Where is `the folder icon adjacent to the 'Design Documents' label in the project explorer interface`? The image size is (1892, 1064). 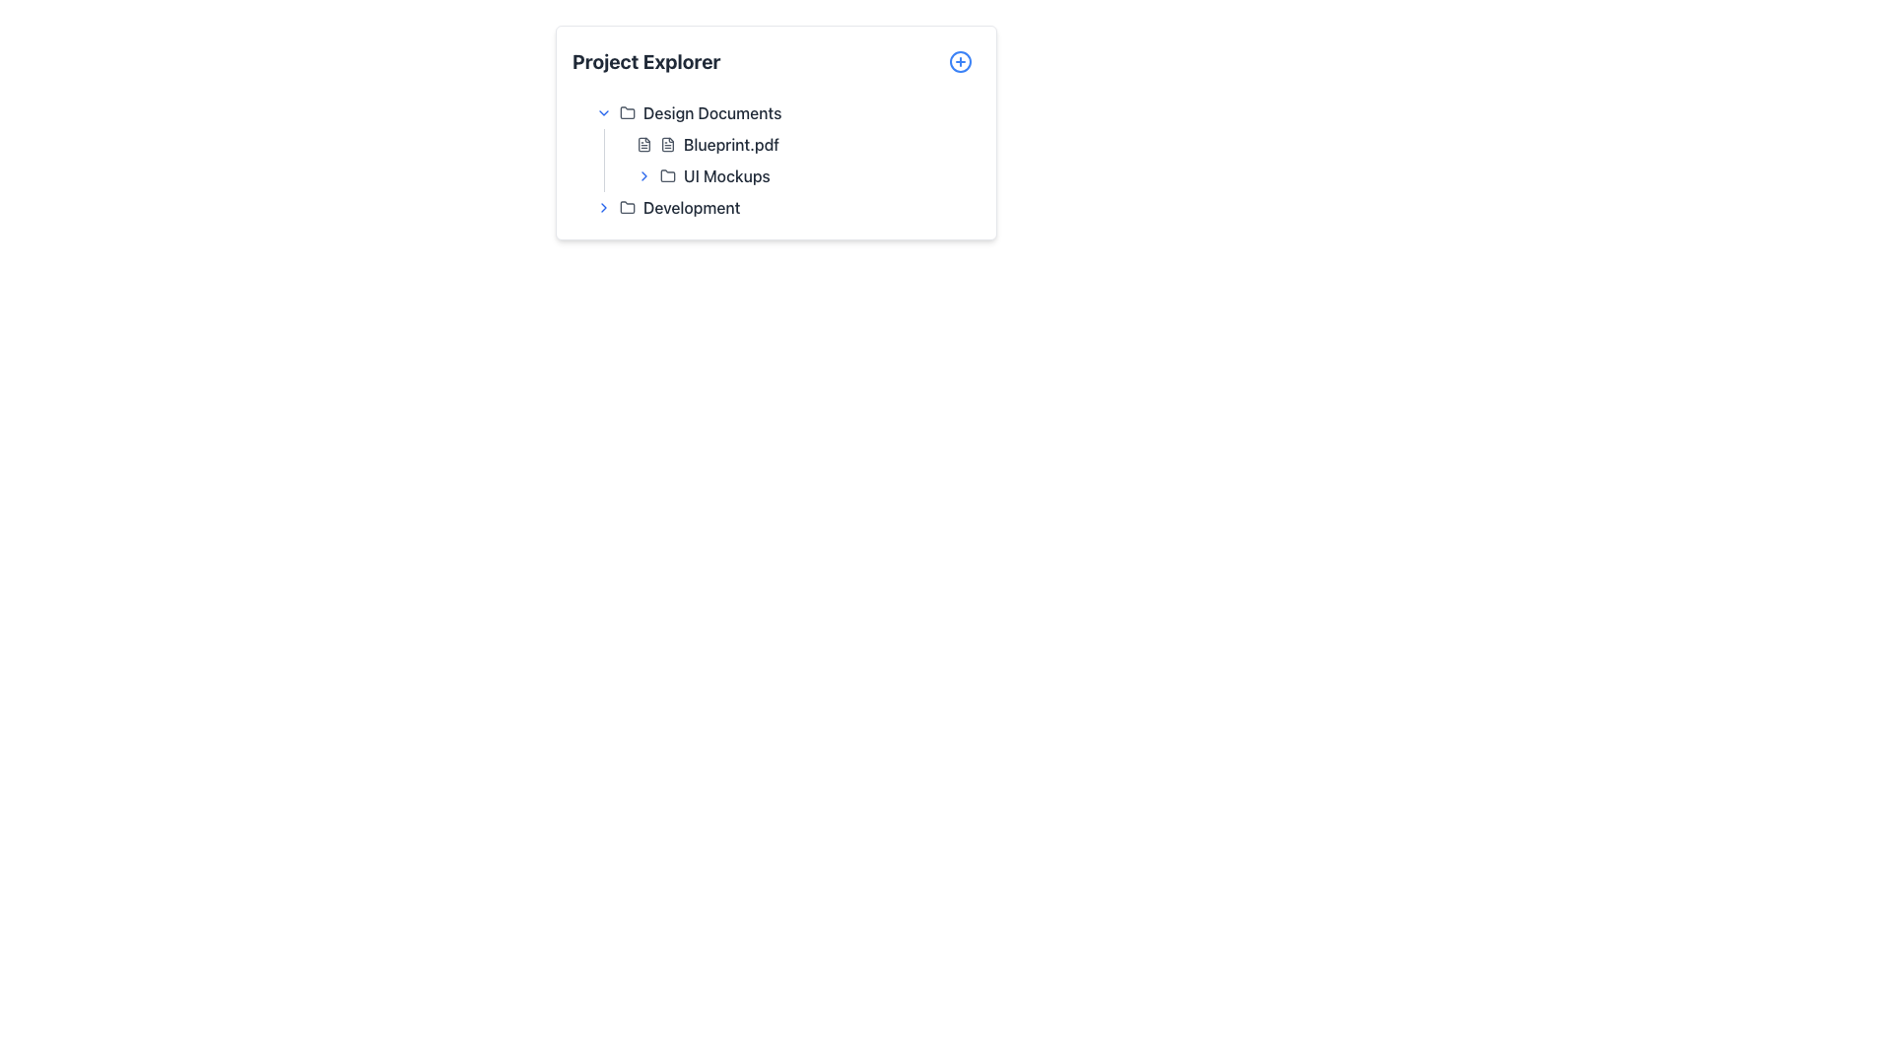
the folder icon adjacent to the 'Design Documents' label in the project explorer interface is located at coordinates (627, 112).